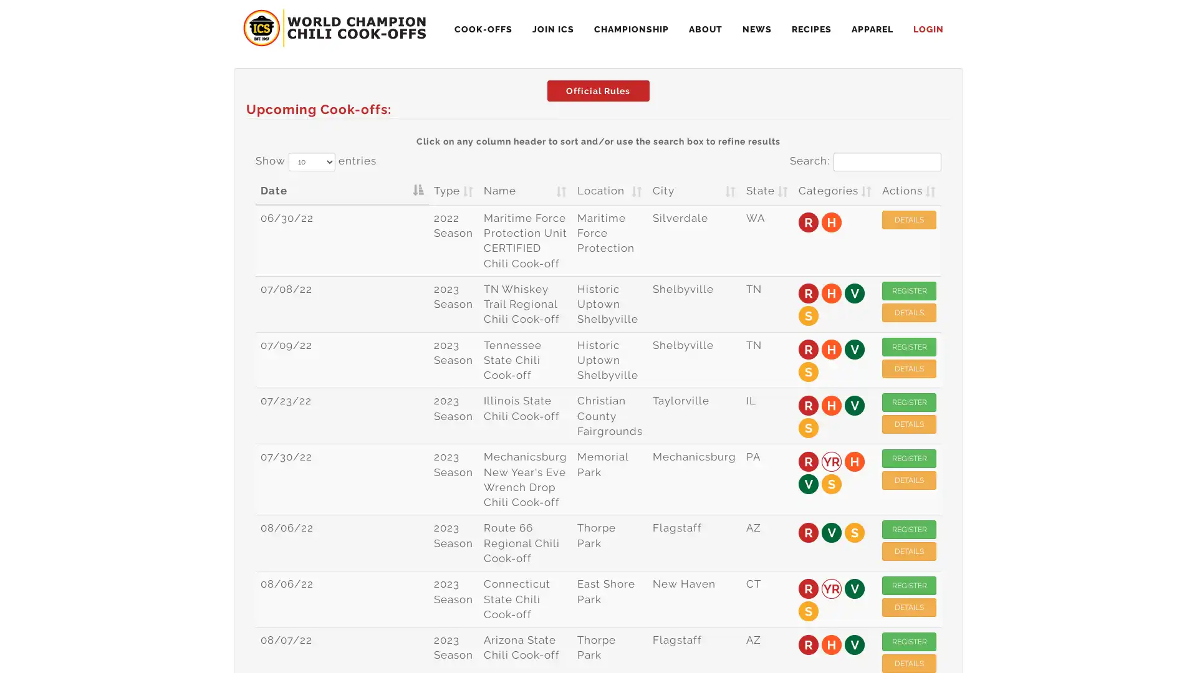 The width and height of the screenshot is (1197, 673). I want to click on DETAILS, so click(909, 312).